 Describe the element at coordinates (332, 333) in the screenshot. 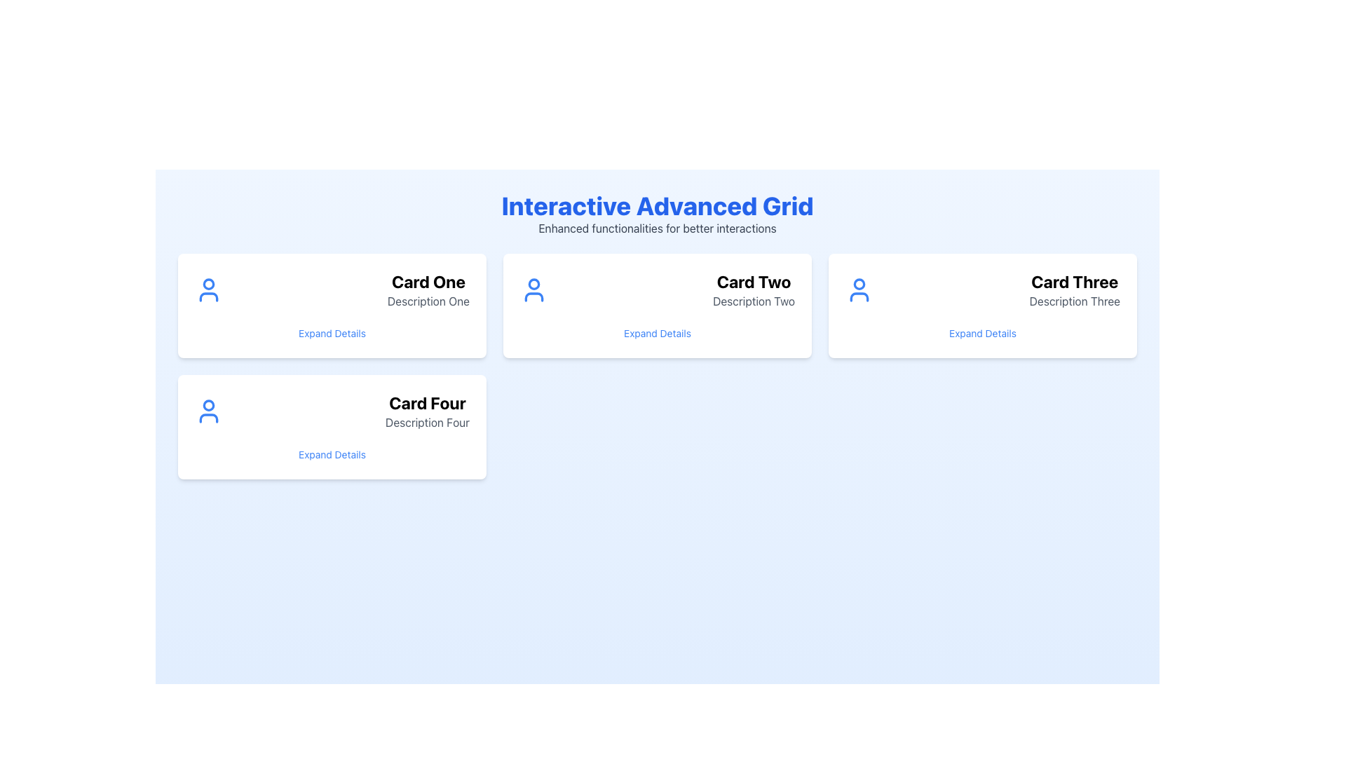

I see `the blue text link labeled 'Expand Details', located at the bottom of 'Card One'` at that location.